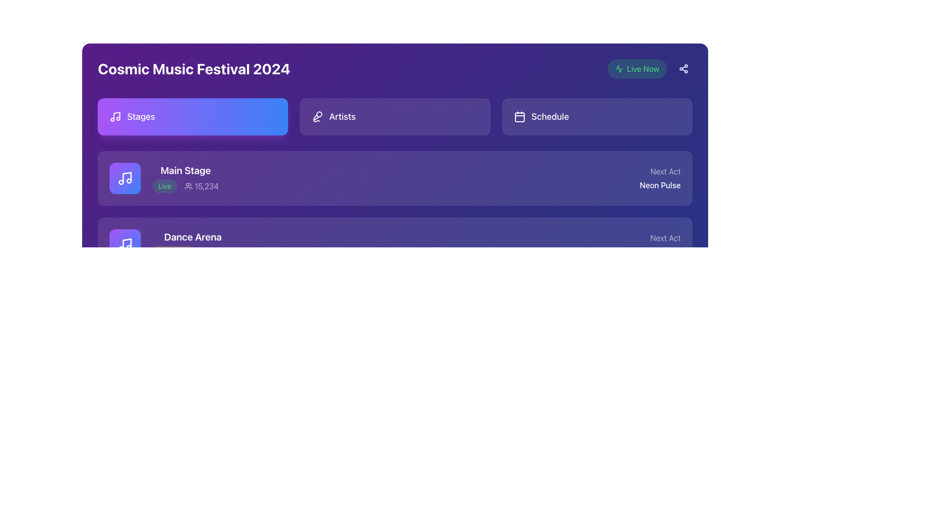  Describe the element at coordinates (619, 68) in the screenshot. I see `the icon featuring a line-based zigzag waveform design located in the top-right corner of the interface, adjacent to the 'Live Now' green button` at that location.